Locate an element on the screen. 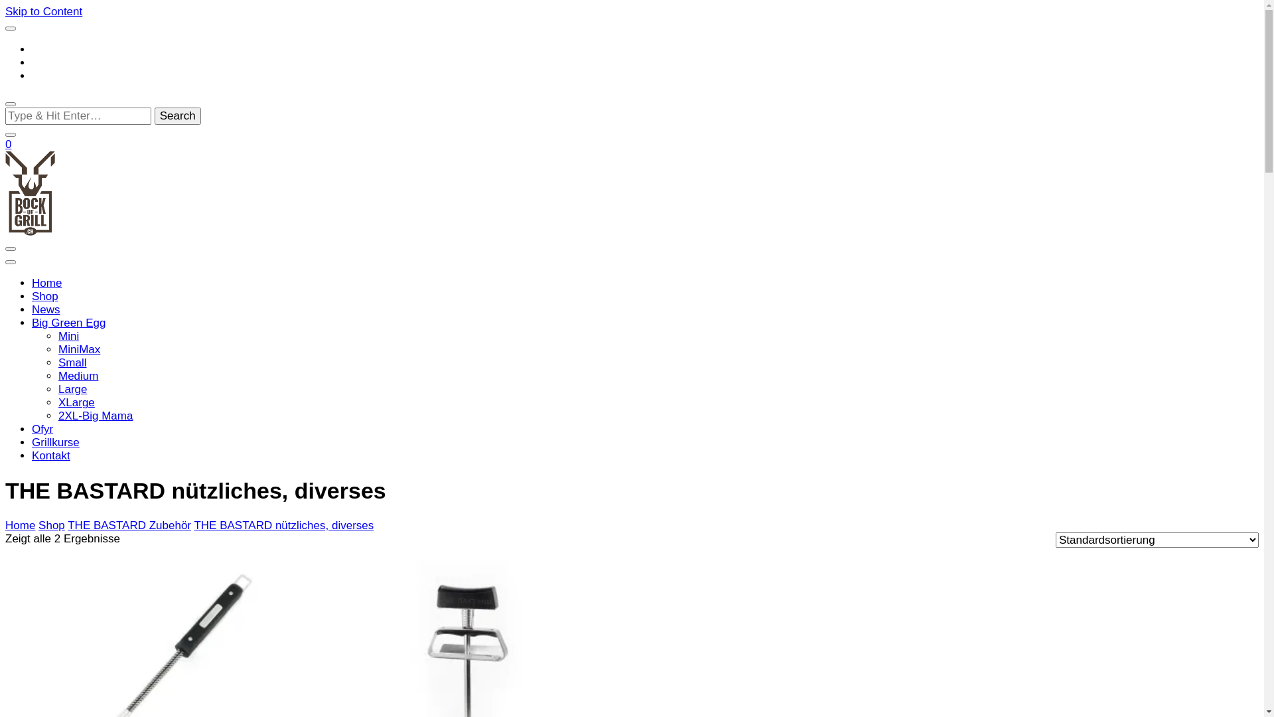 This screenshot has height=717, width=1274. '2XL-Big Mama' is located at coordinates (95, 415).